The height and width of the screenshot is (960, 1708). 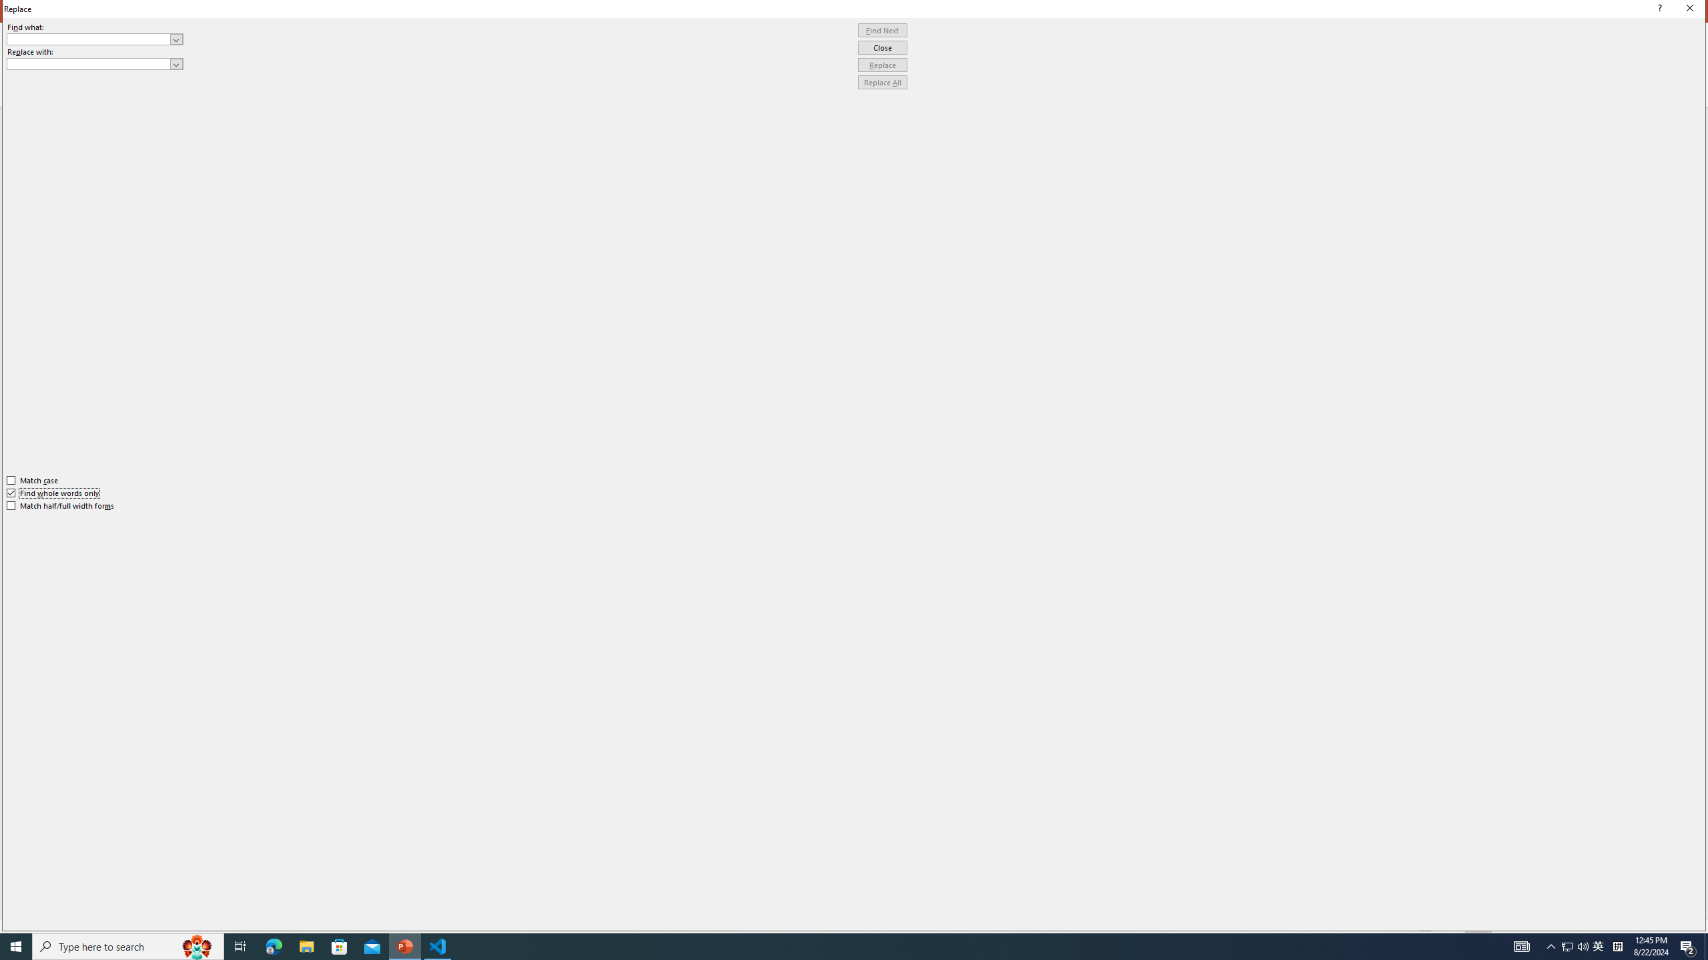 What do you see at coordinates (1657, 10) in the screenshot?
I see `'Context help'` at bounding box center [1657, 10].